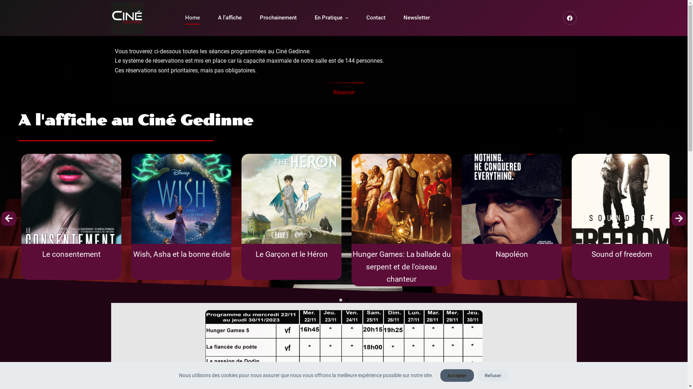 The width and height of the screenshot is (693, 389). What do you see at coordinates (277, 17) in the screenshot?
I see `'Prochainement'` at bounding box center [277, 17].